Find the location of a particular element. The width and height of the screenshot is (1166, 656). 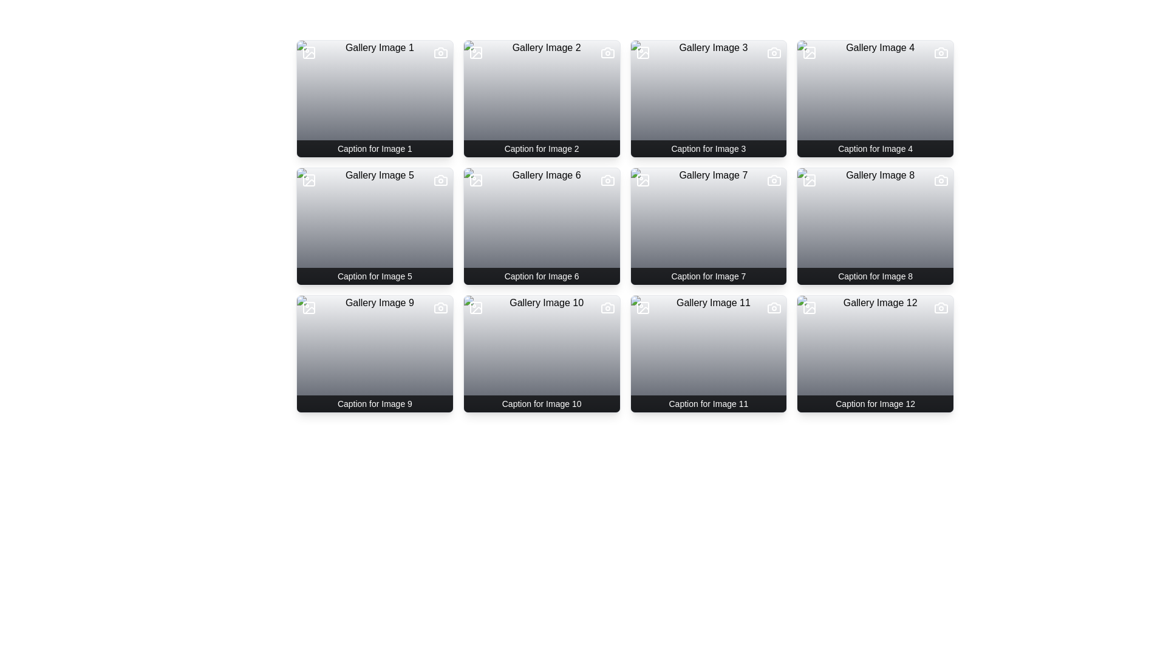

the icon button located in the top-right corner of the 'Gallery Image 12' panel is located at coordinates (941, 307).